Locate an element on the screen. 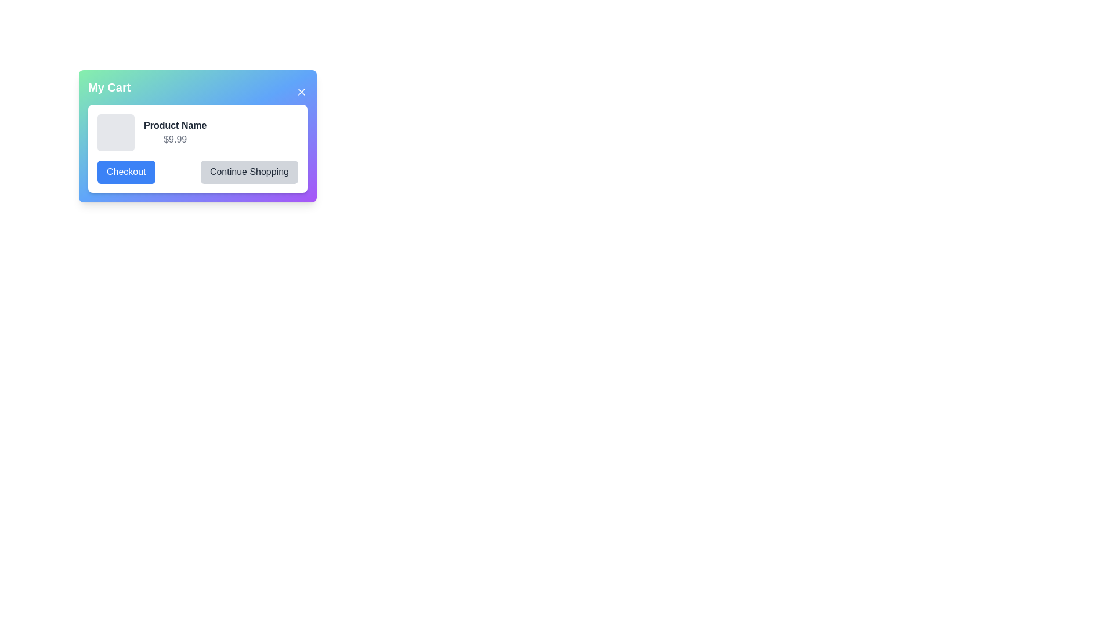  the close button located at the top-right corner of the 'My Cart' modal window to change its color is located at coordinates (301, 91).